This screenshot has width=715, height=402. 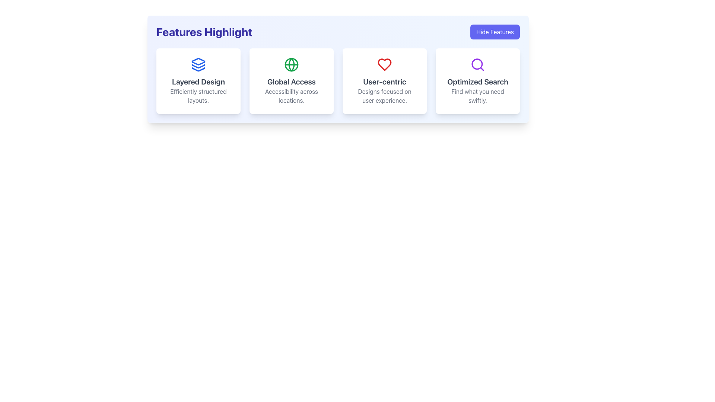 What do you see at coordinates (384, 96) in the screenshot?
I see `information provided in the text label displaying 'Designs focused on user experience.' which is styled in gray and smaller text size` at bounding box center [384, 96].